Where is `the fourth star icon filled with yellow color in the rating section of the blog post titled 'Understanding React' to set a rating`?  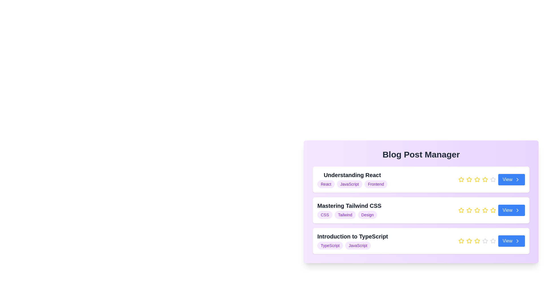
the fourth star icon filled with yellow color in the rating section of the blog post titled 'Understanding React' to set a rating is located at coordinates (485, 179).